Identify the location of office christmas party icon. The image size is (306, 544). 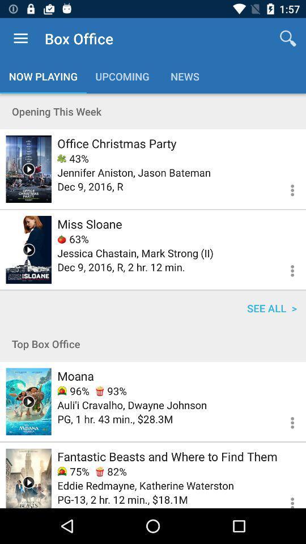
(116, 143).